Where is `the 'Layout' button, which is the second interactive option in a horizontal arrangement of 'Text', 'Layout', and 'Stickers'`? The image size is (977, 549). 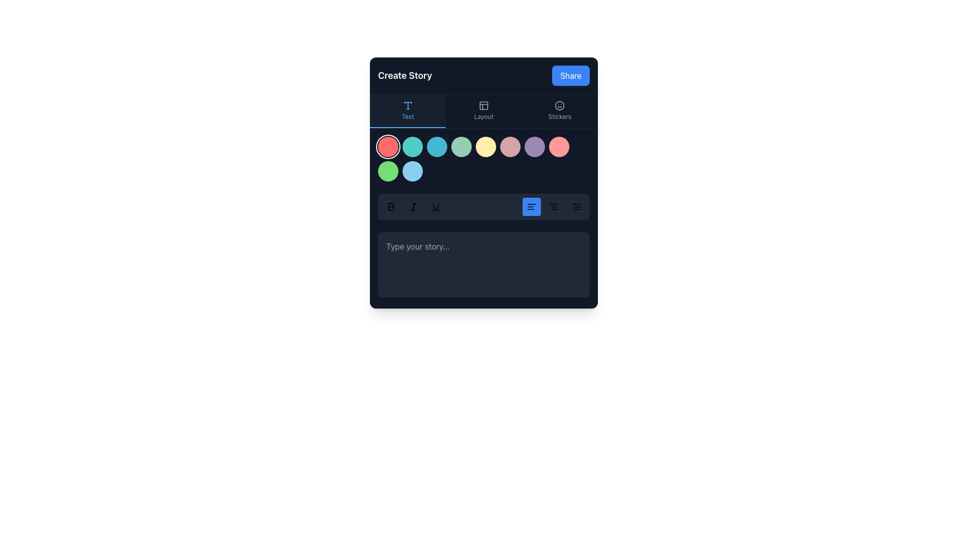
the 'Layout' button, which is the second interactive option in a horizontal arrangement of 'Text', 'Layout', and 'Stickers' is located at coordinates (483, 111).